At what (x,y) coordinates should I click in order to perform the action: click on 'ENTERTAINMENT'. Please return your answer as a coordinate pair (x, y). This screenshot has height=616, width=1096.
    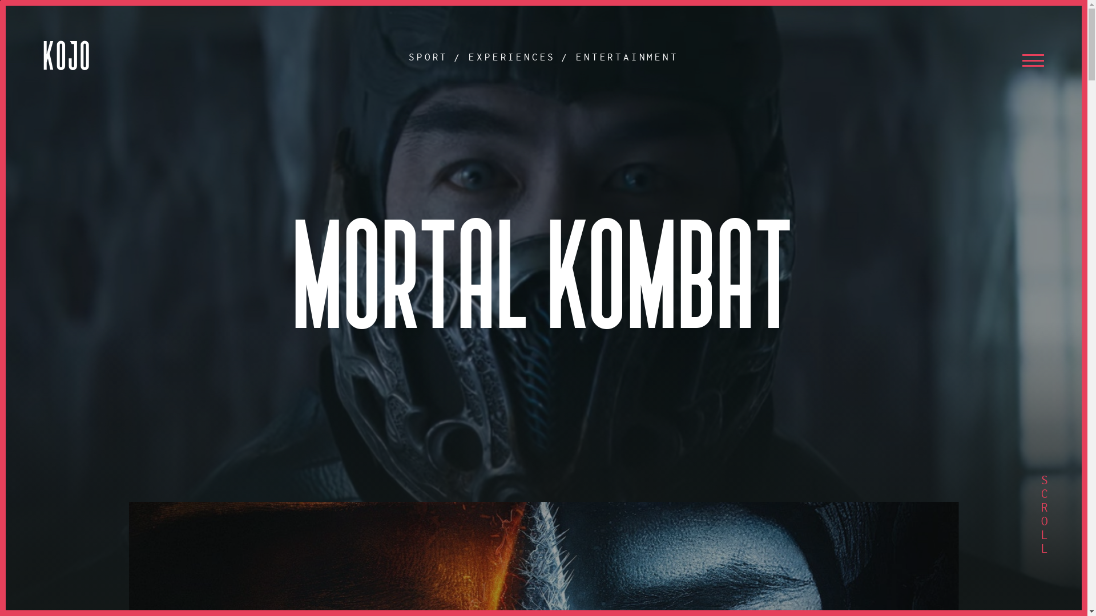
    Looking at the image, I should click on (627, 57).